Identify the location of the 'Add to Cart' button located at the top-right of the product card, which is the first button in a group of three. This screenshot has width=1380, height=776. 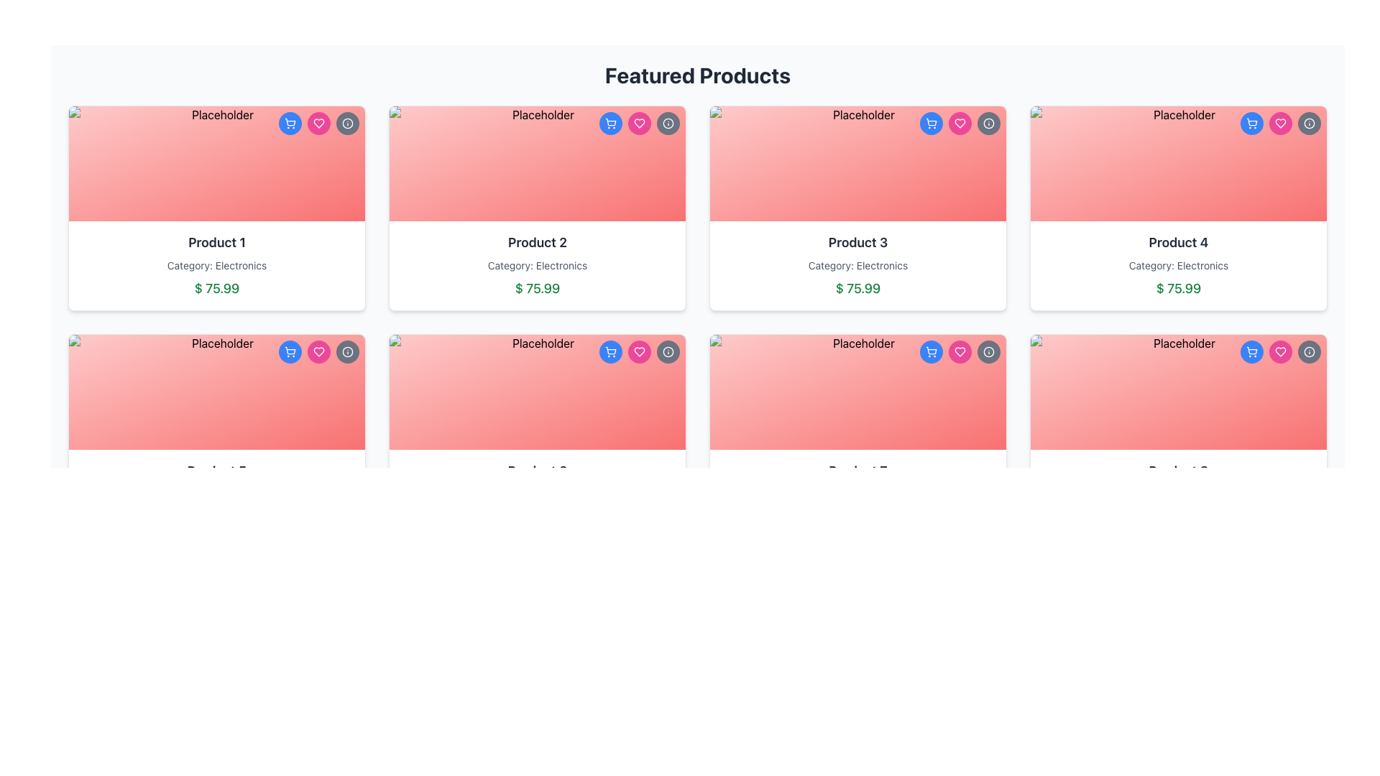
(289, 351).